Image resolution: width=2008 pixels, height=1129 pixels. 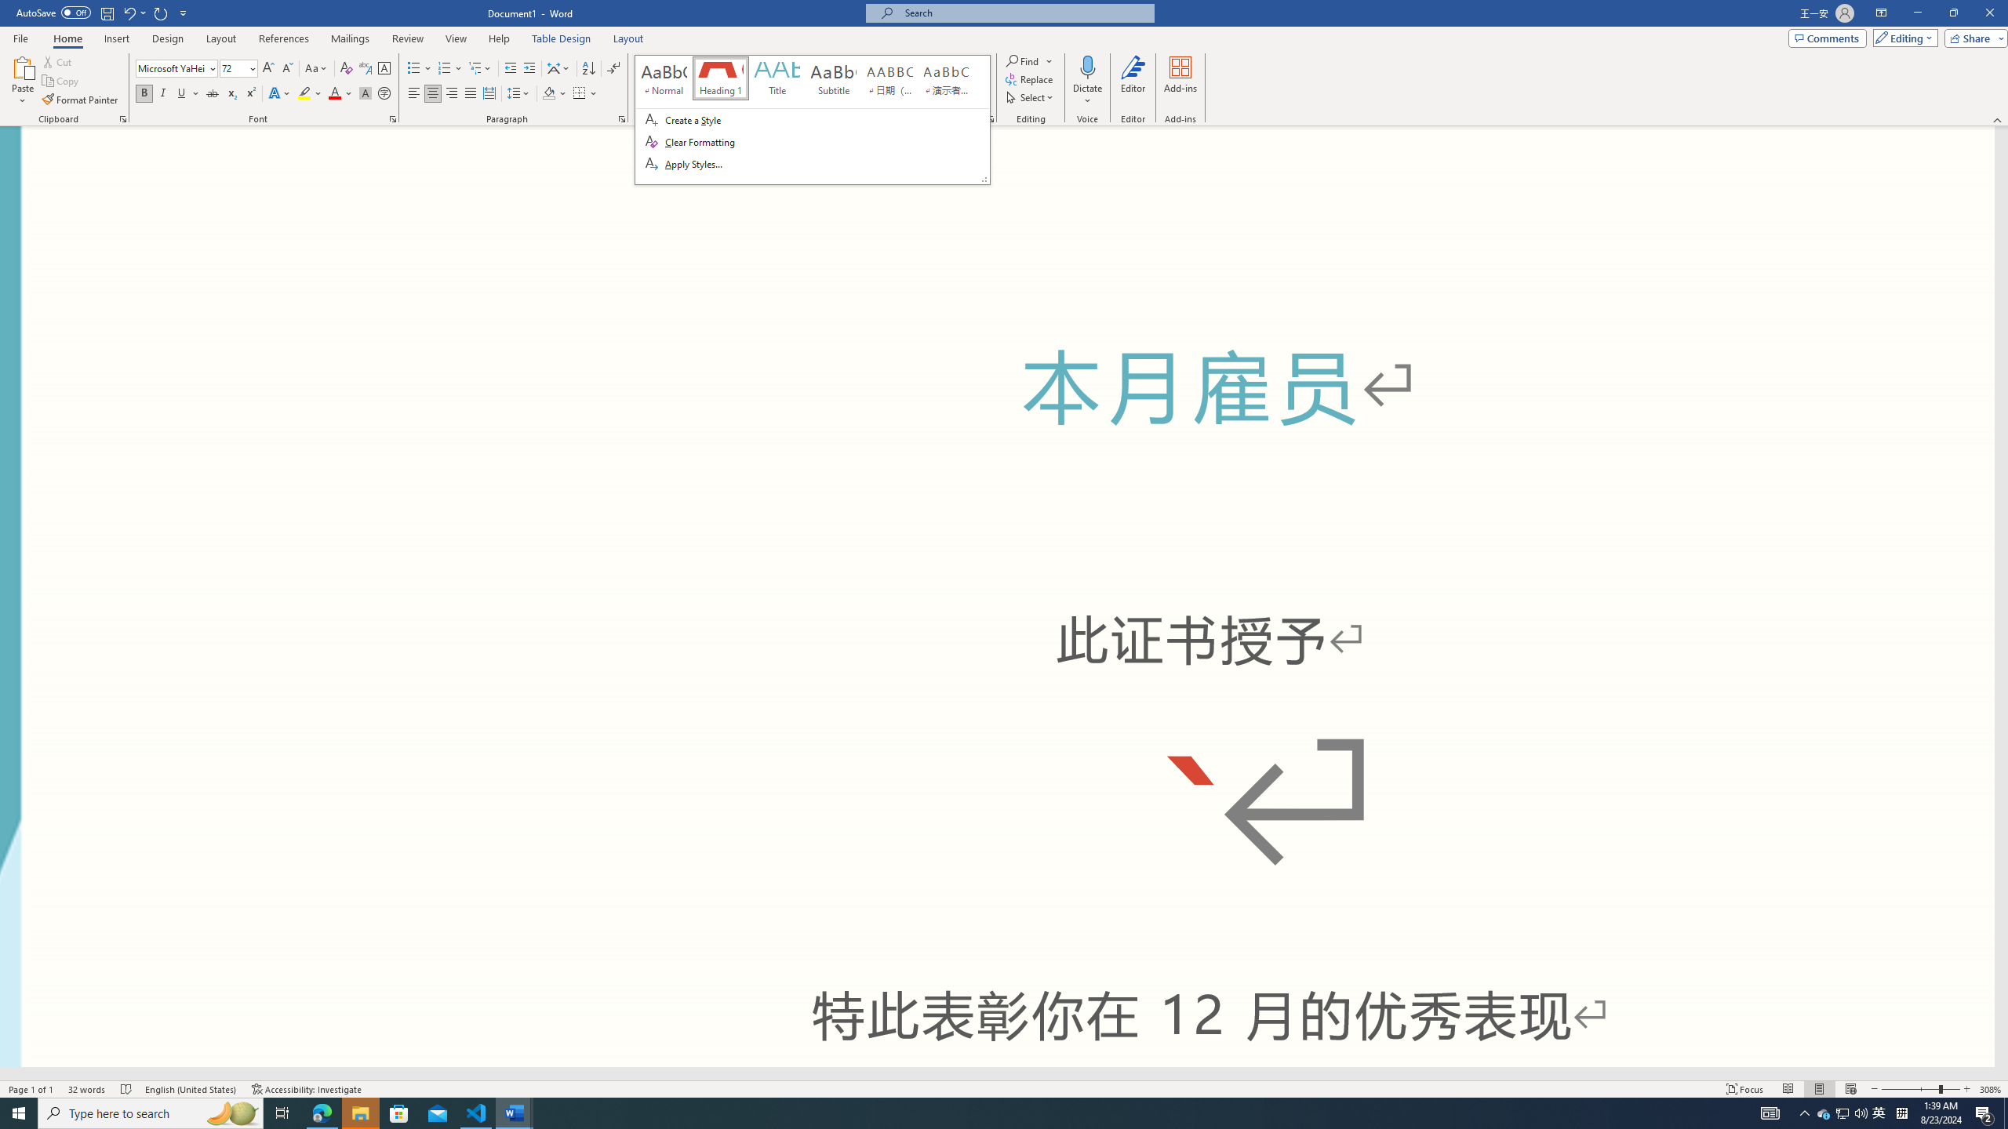 What do you see at coordinates (231, 93) in the screenshot?
I see `'Subscript'` at bounding box center [231, 93].